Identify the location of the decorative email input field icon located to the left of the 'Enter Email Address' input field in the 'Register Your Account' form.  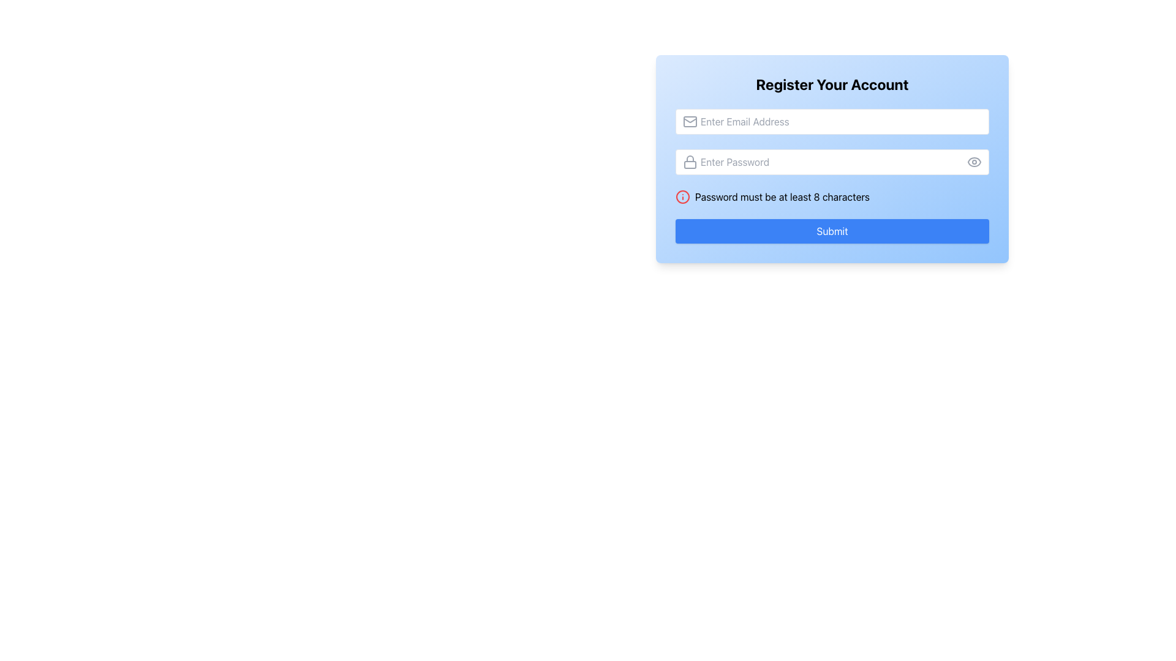
(690, 122).